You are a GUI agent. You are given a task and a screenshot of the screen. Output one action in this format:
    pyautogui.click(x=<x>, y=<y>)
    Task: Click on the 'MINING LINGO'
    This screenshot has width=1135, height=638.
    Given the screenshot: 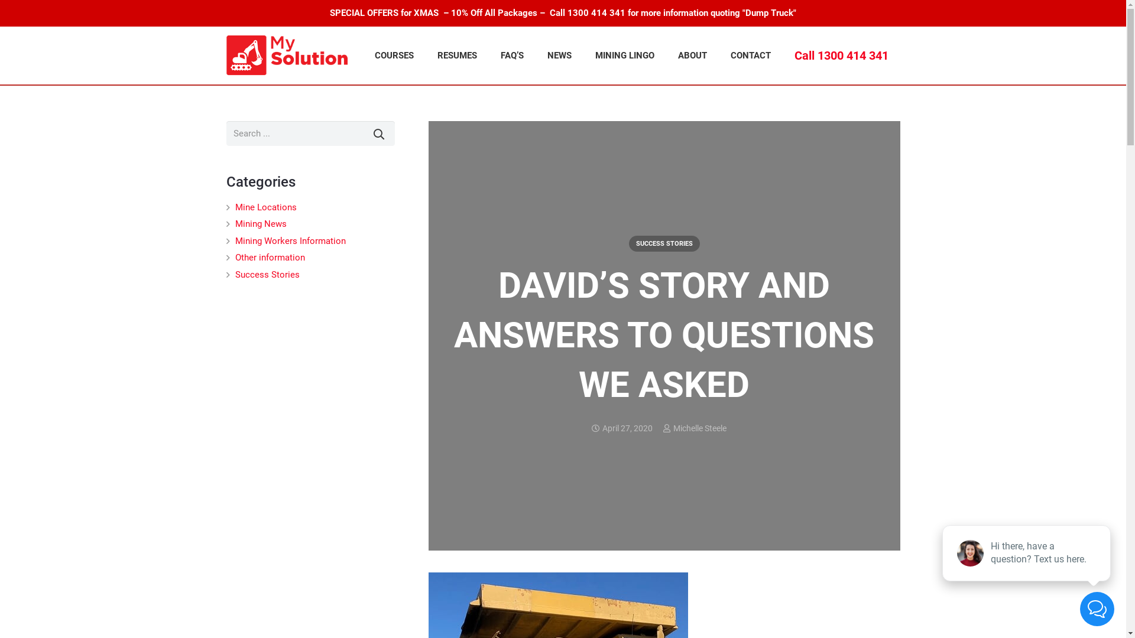 What is the action you would take?
    pyautogui.click(x=624, y=55)
    